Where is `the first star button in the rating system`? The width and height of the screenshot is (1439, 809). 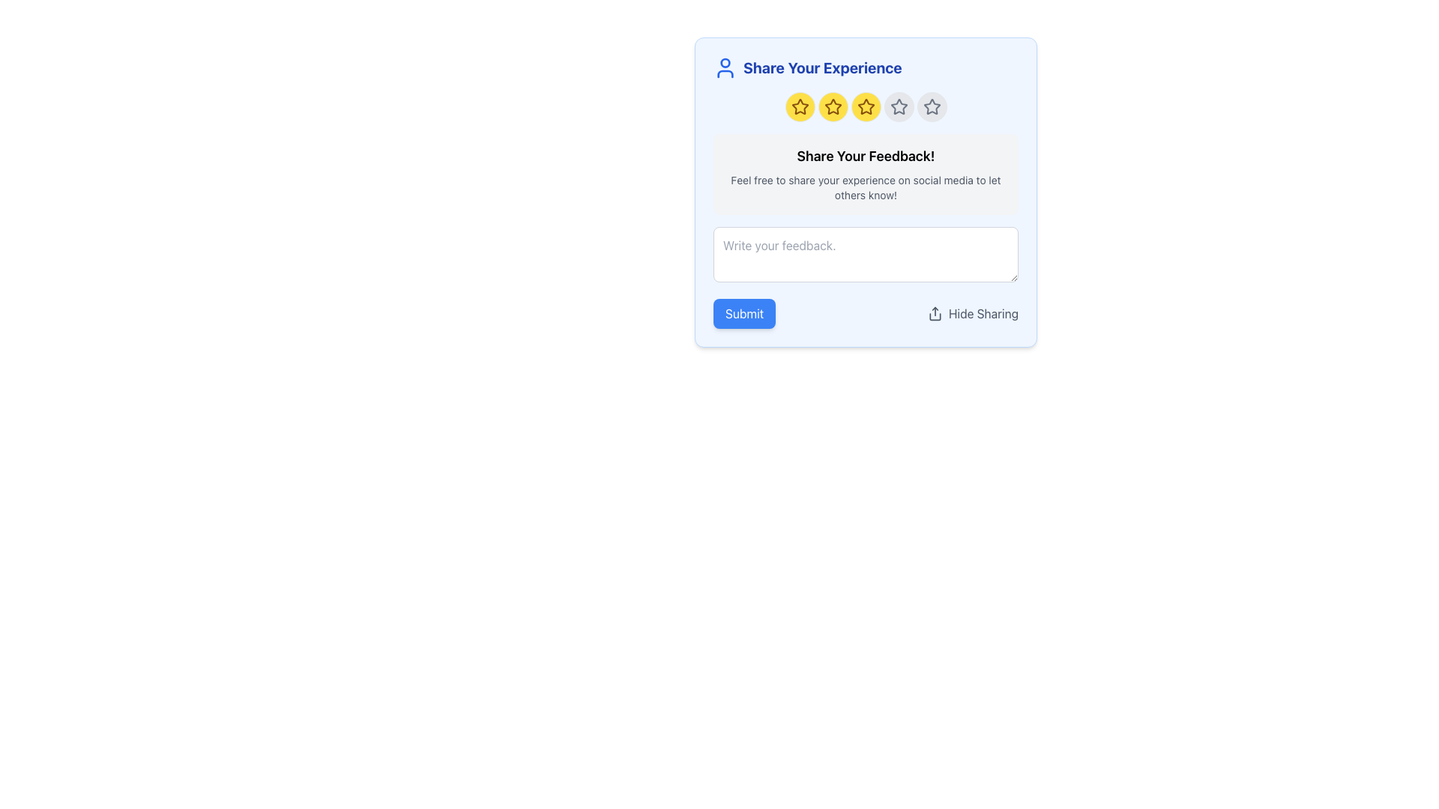
the first star button in the rating system is located at coordinates (799, 106).